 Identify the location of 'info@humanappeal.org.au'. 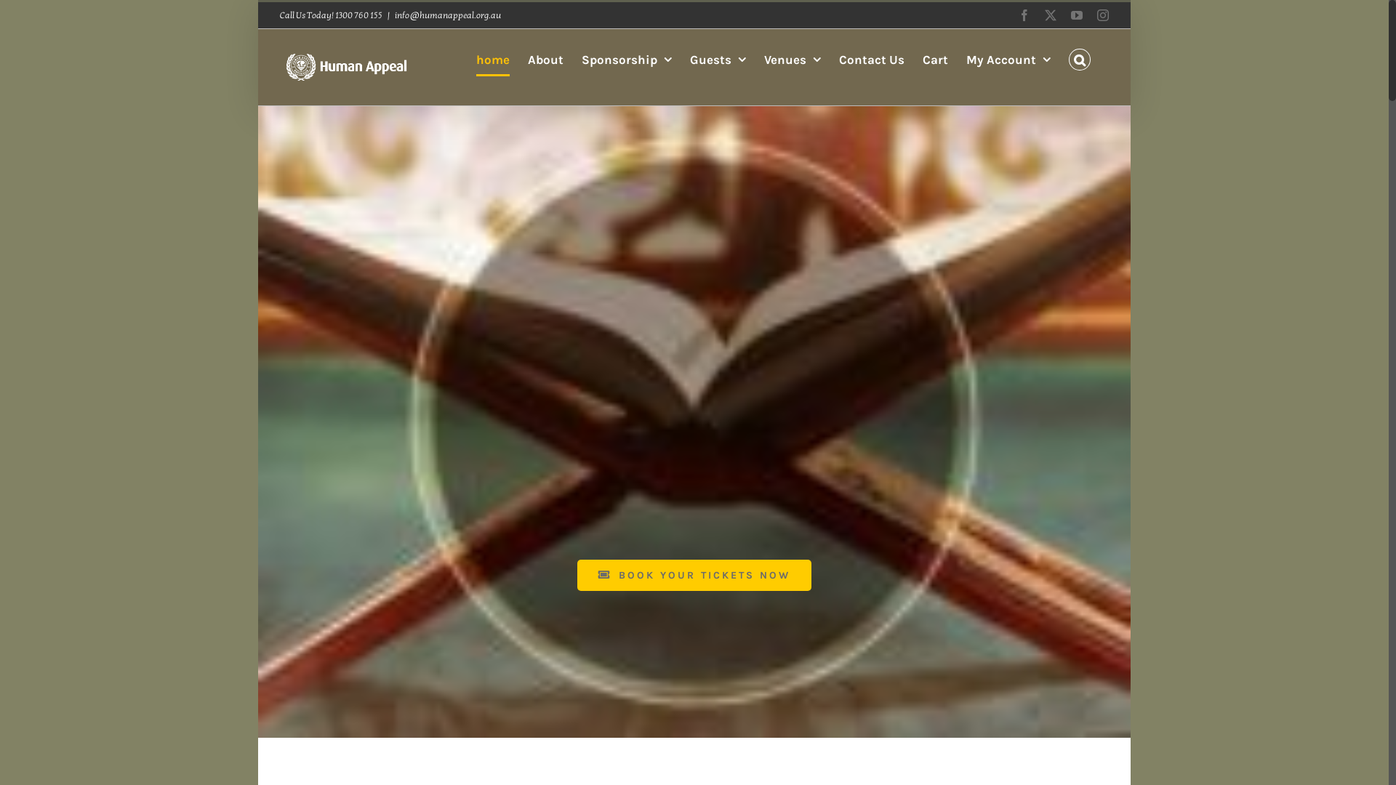
(446, 15).